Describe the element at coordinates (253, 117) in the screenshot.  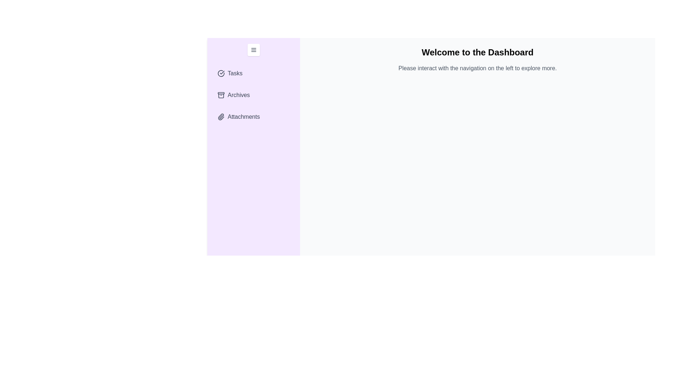
I see `the section Attachments in the drawer to expand it` at that location.